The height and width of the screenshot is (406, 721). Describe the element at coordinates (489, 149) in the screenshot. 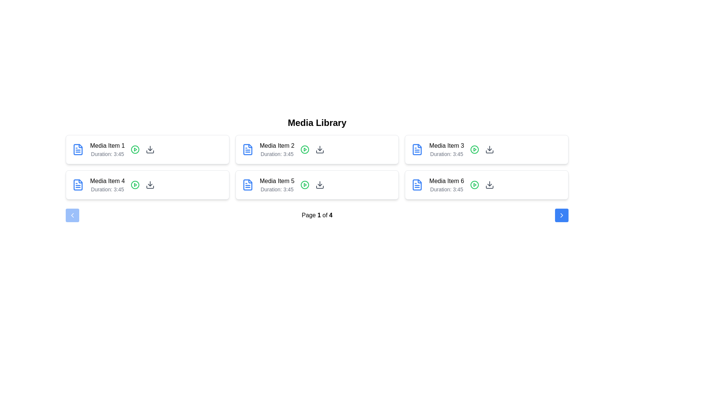

I see `the download icon button, which is a small gray icon depicting a downward arrow with a horizontal line at its base, located within the card labeled 'Media Item 3'` at that location.